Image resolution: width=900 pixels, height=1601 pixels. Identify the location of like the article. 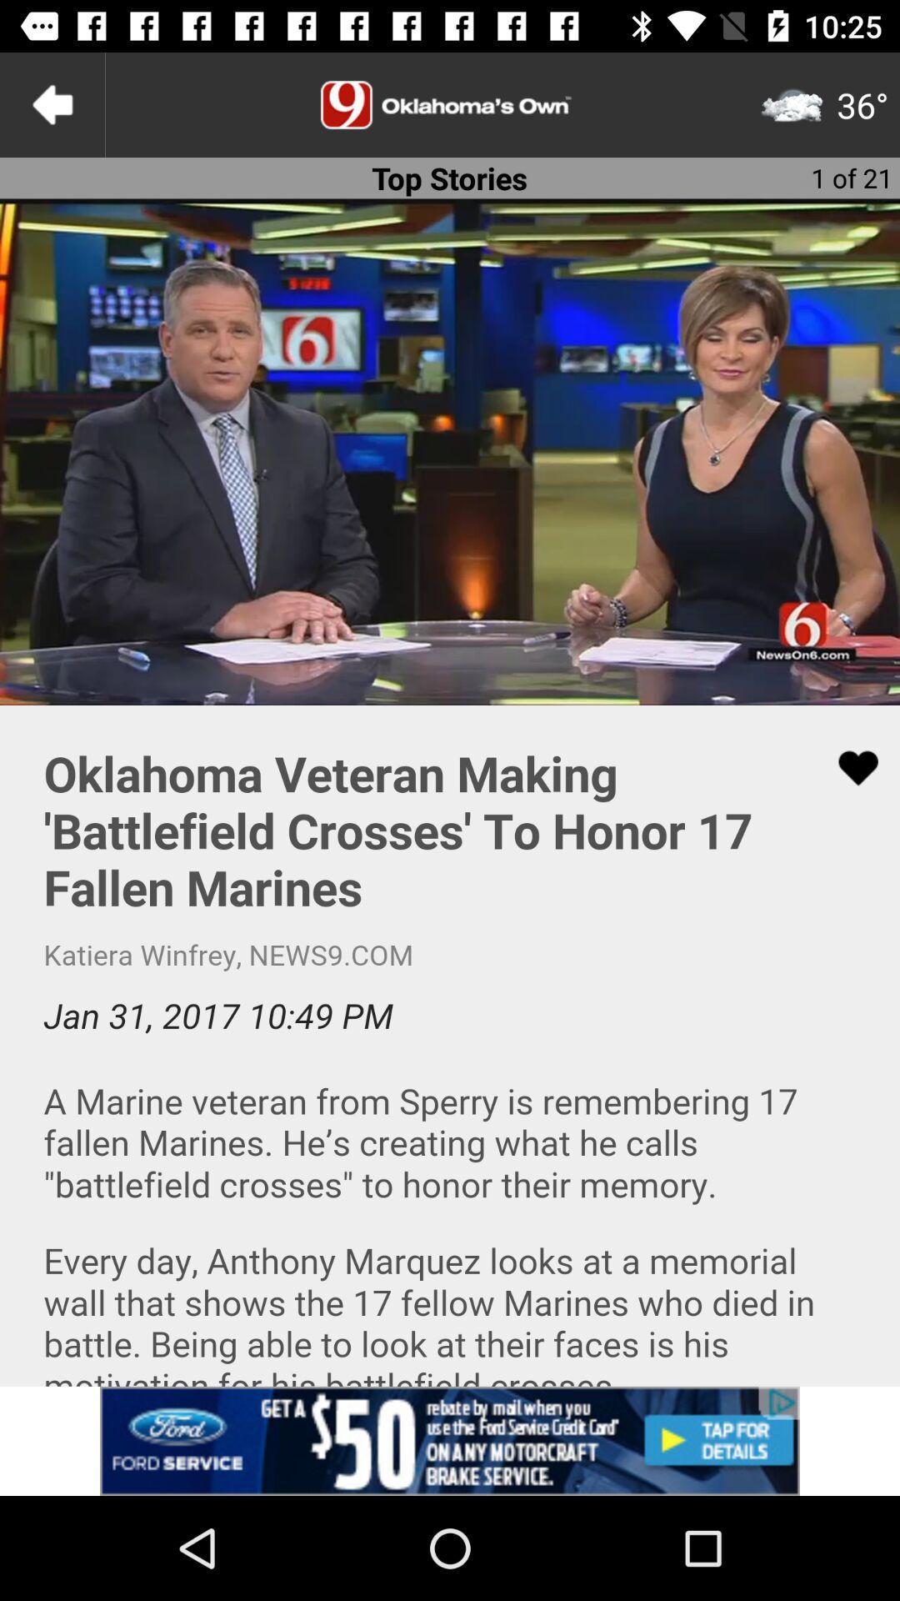
(847, 767).